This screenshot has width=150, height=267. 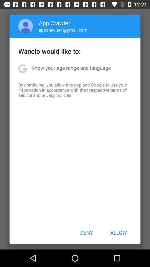 What do you see at coordinates (86, 233) in the screenshot?
I see `icon at the bottom` at bounding box center [86, 233].